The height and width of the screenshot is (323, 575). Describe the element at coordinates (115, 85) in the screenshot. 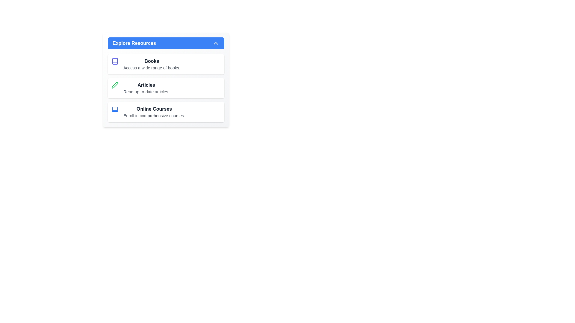

I see `the 'Articles' icon located` at that location.